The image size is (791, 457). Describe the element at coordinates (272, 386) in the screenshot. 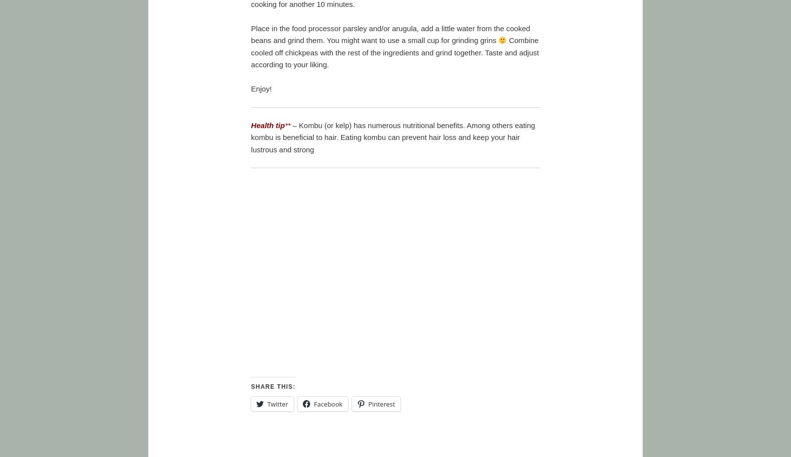

I see `'Share this:'` at that location.